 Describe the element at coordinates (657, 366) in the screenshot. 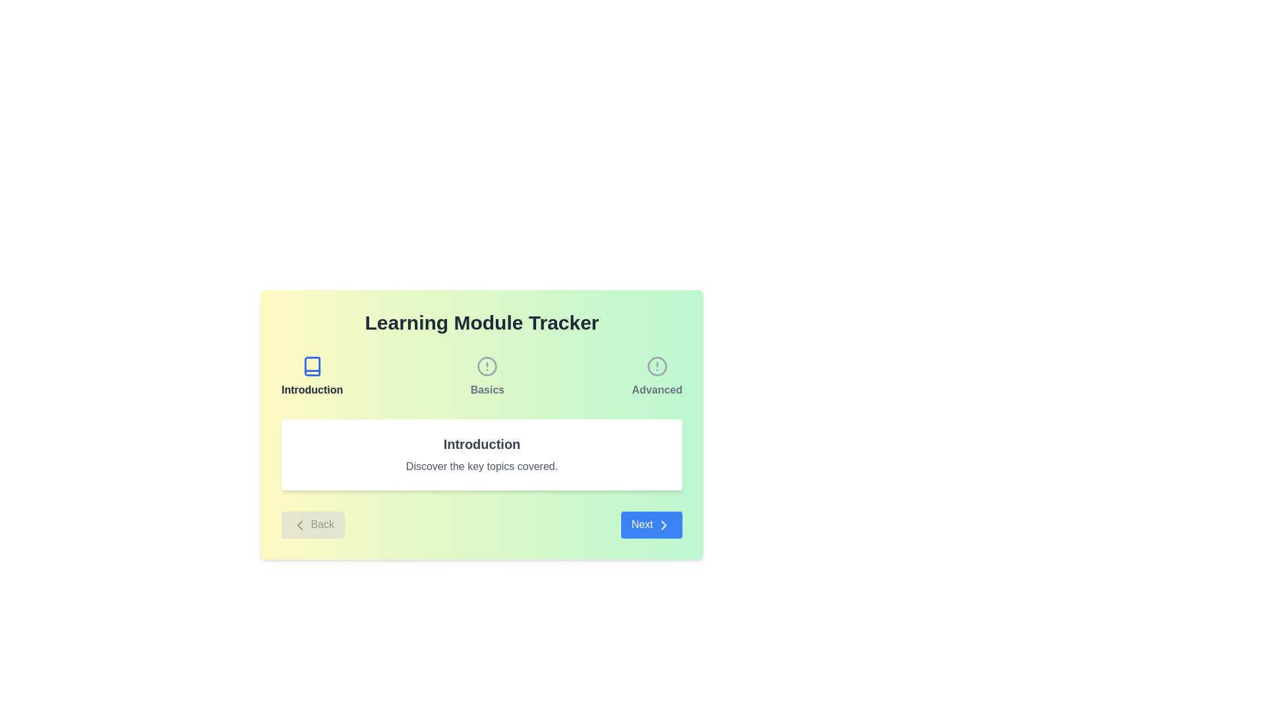

I see `the circular graphic element within the 'Advanced' icon located in the top-right part of the Learning Module Tracker interface` at that location.